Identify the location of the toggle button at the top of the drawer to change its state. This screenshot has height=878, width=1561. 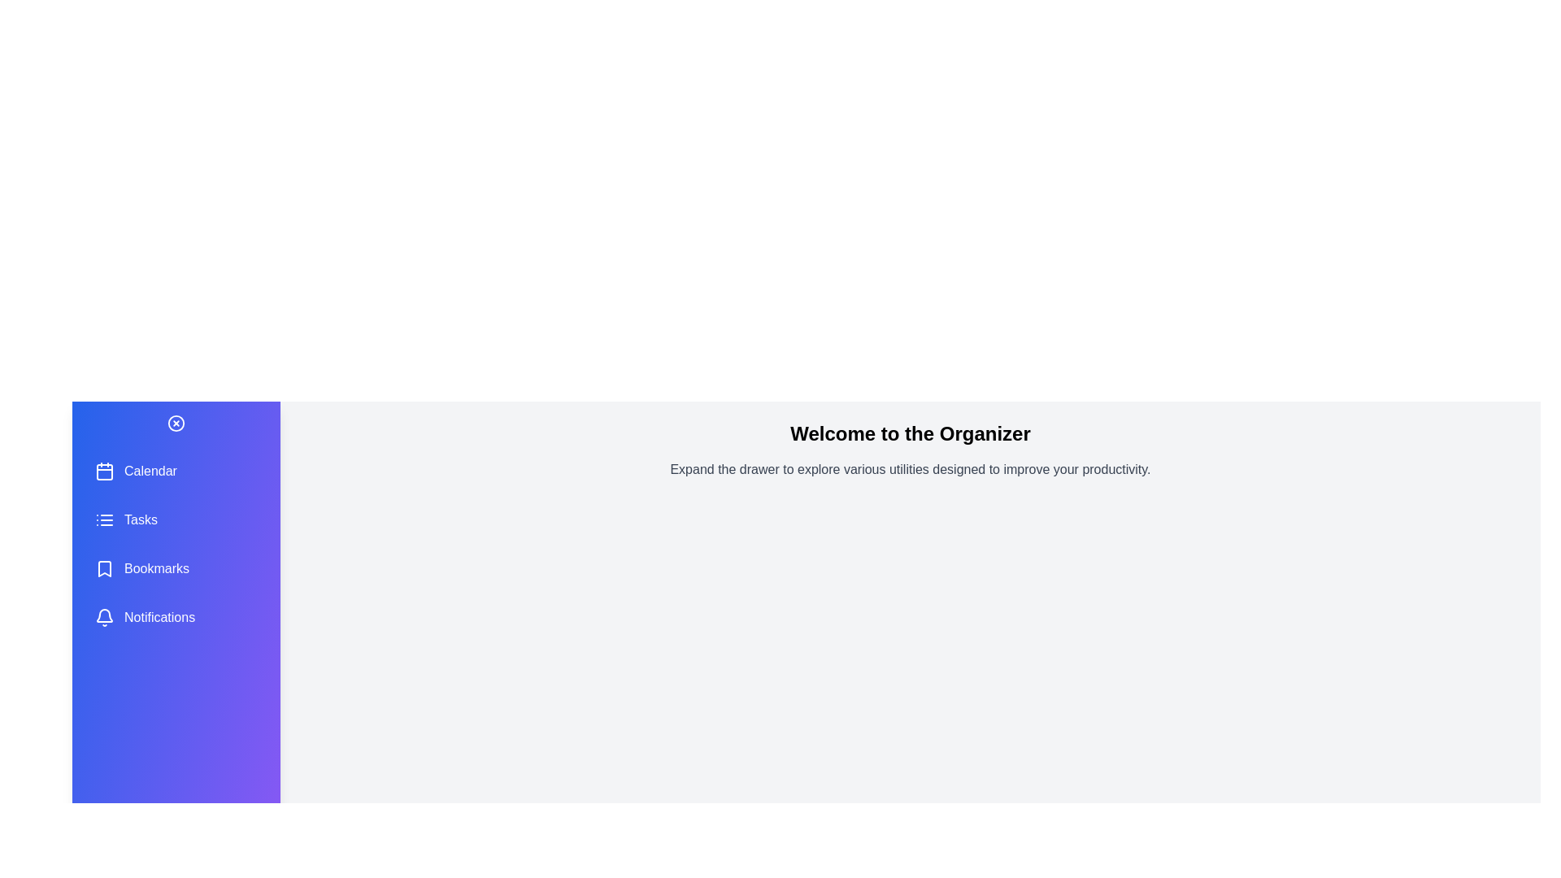
(176, 422).